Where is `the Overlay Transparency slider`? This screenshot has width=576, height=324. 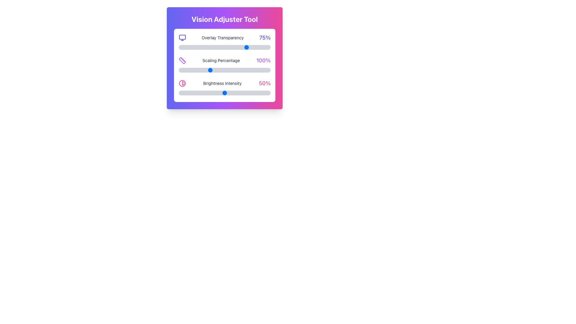 the Overlay Transparency slider is located at coordinates (205, 47).